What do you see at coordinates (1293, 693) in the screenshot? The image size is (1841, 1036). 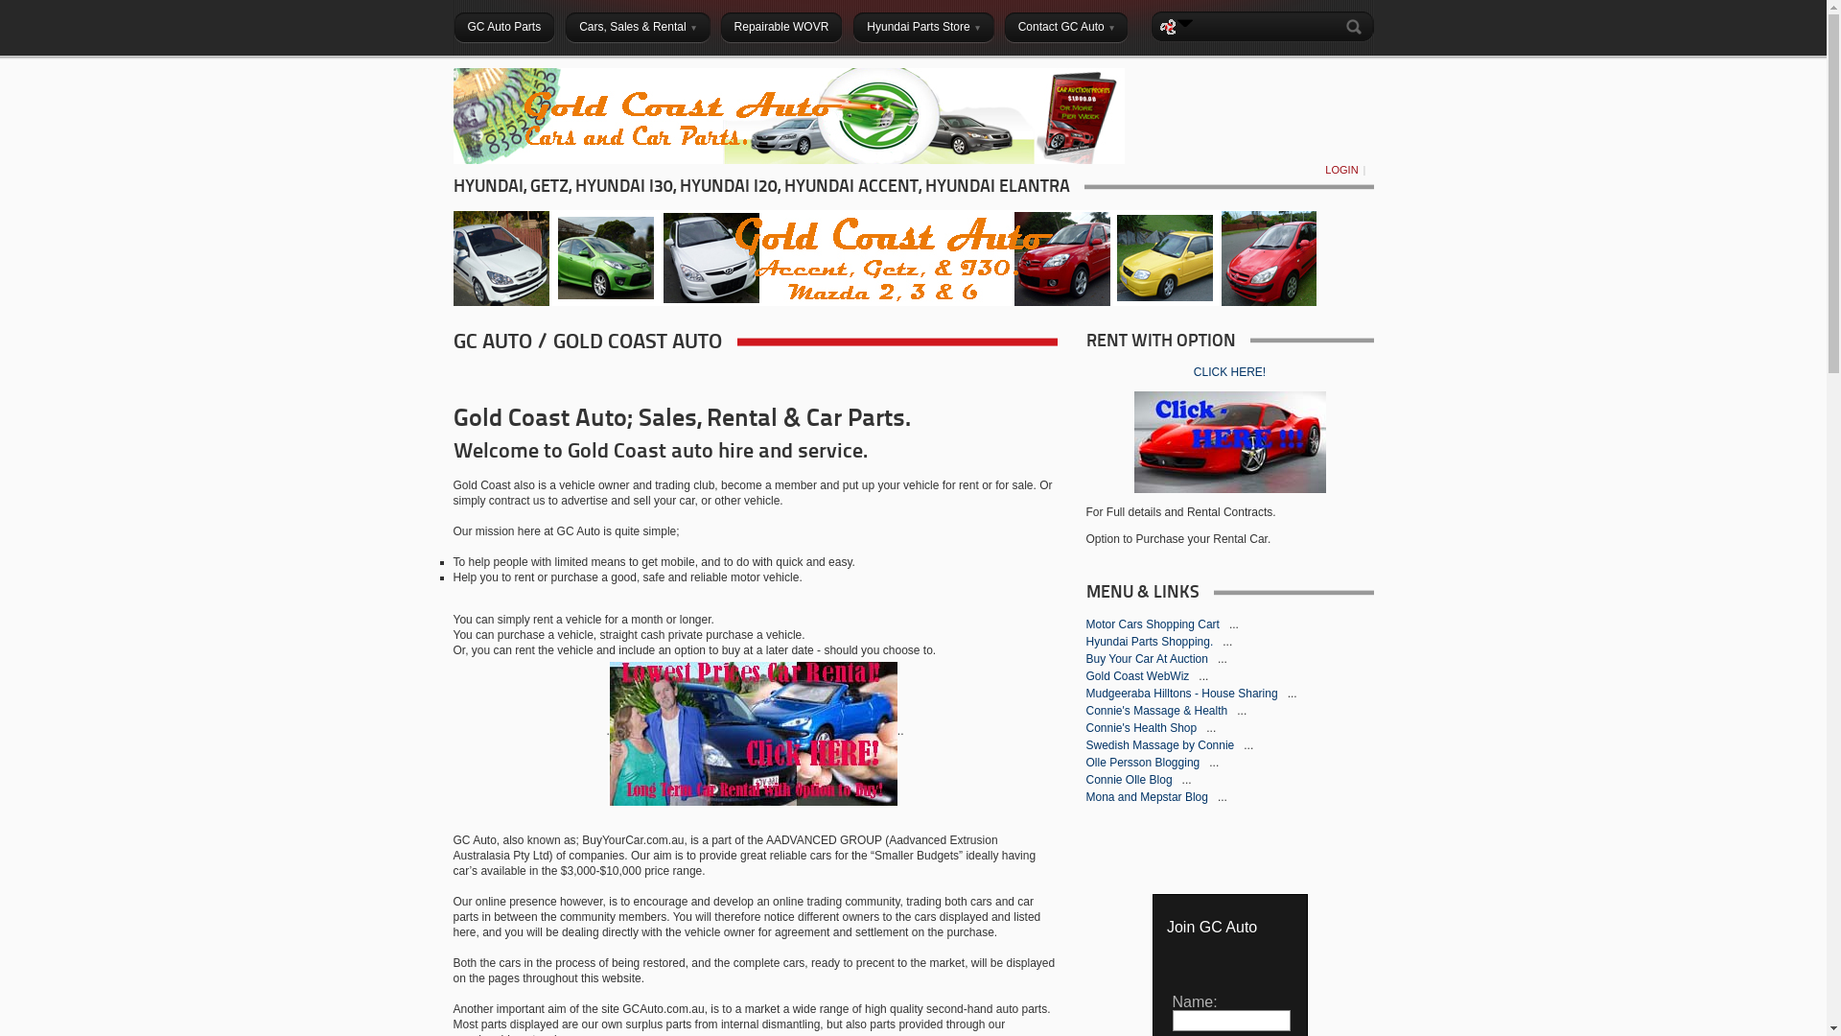 I see `'...'` at bounding box center [1293, 693].